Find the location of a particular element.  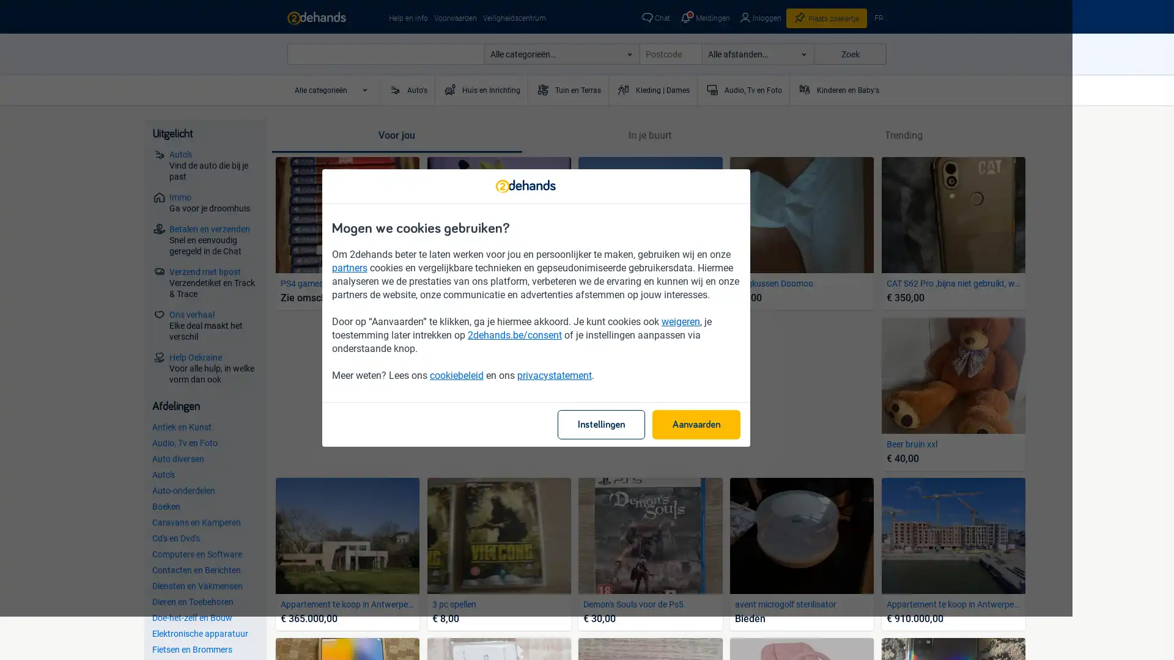

Aanvaarden is located at coordinates (747, 447).